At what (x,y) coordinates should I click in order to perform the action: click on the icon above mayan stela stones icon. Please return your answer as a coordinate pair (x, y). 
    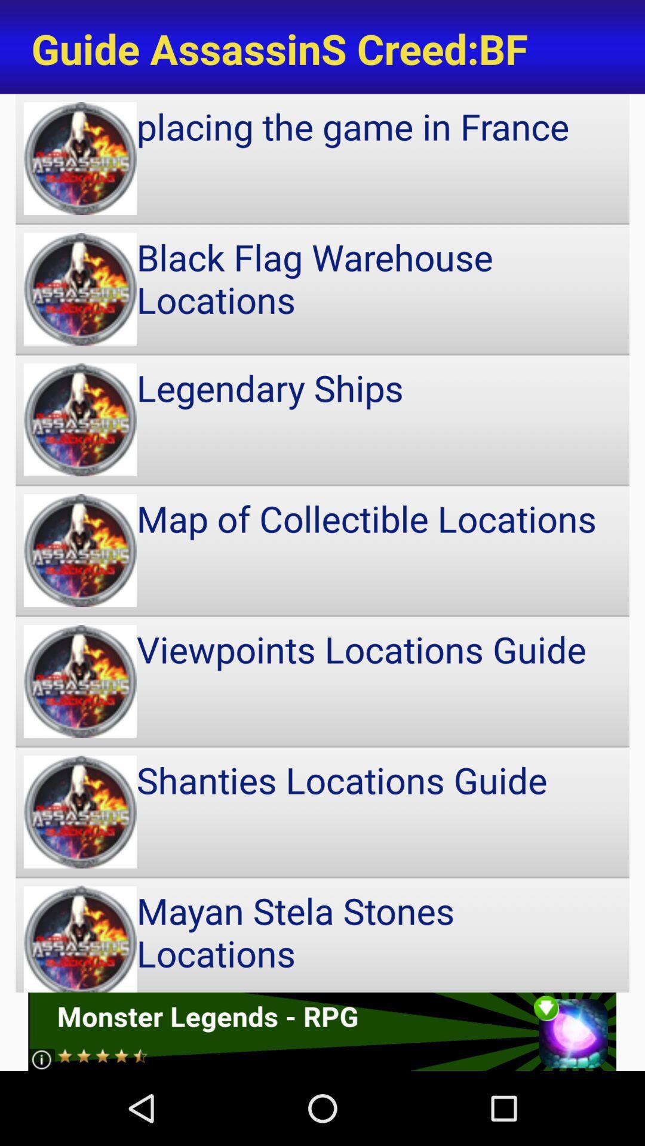
    Looking at the image, I should click on (322, 812).